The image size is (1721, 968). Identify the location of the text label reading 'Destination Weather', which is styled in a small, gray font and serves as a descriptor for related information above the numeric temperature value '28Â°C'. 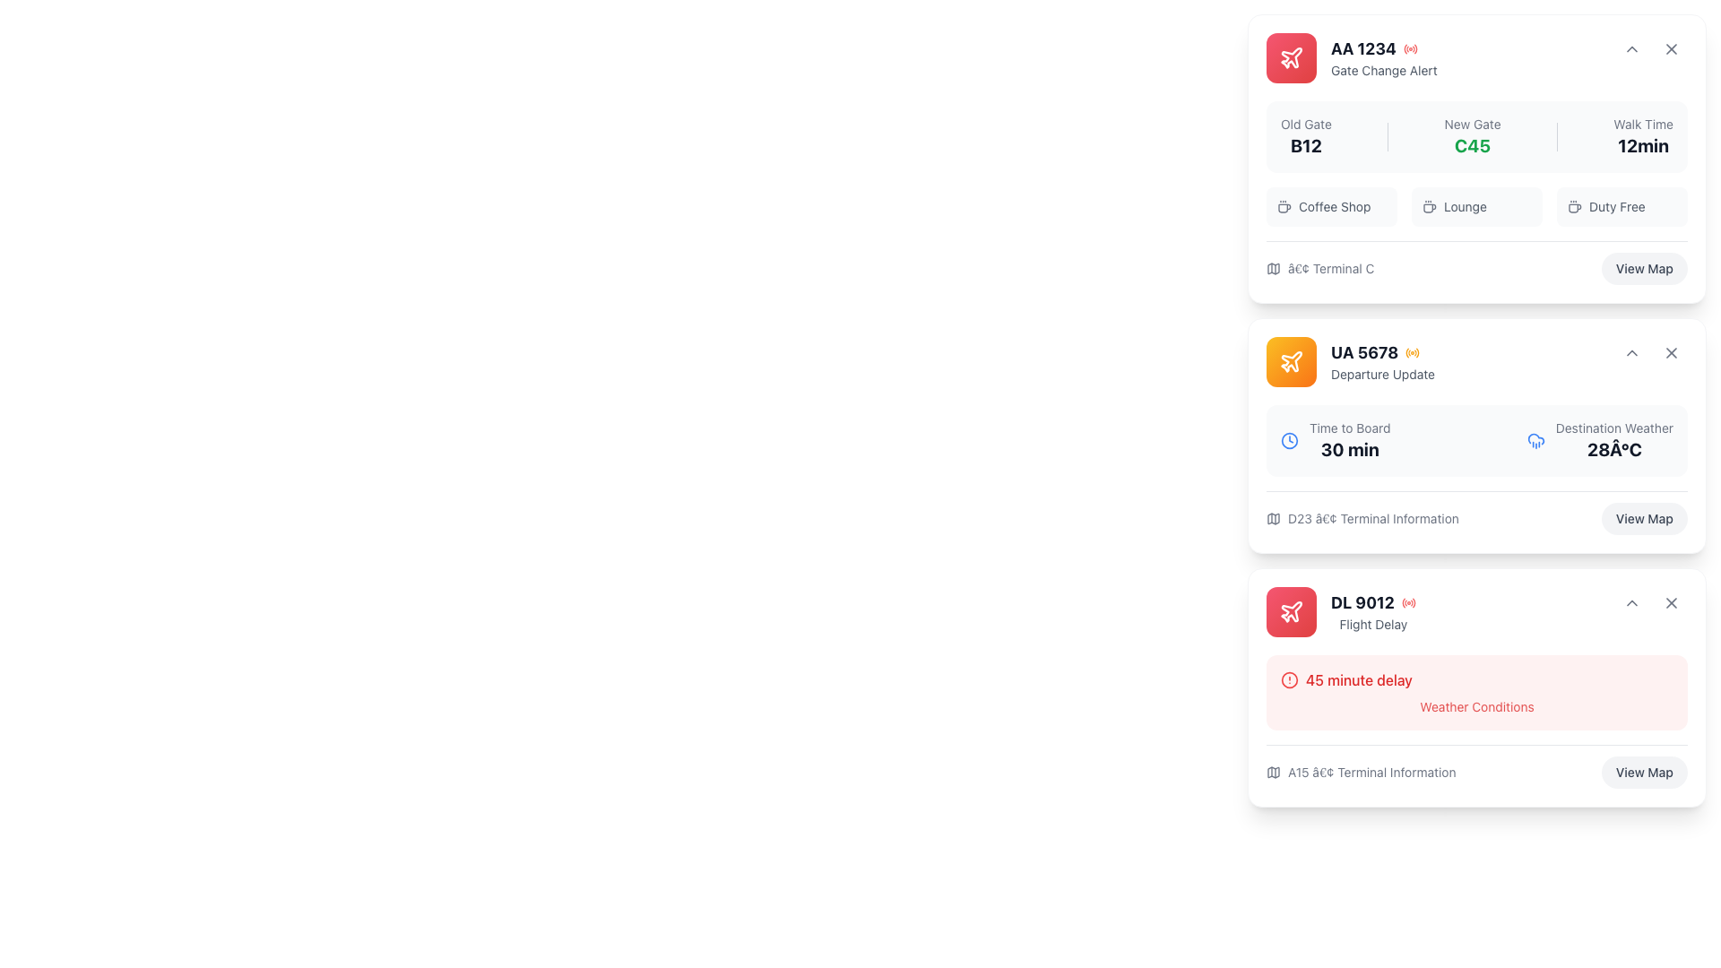
(1614, 428).